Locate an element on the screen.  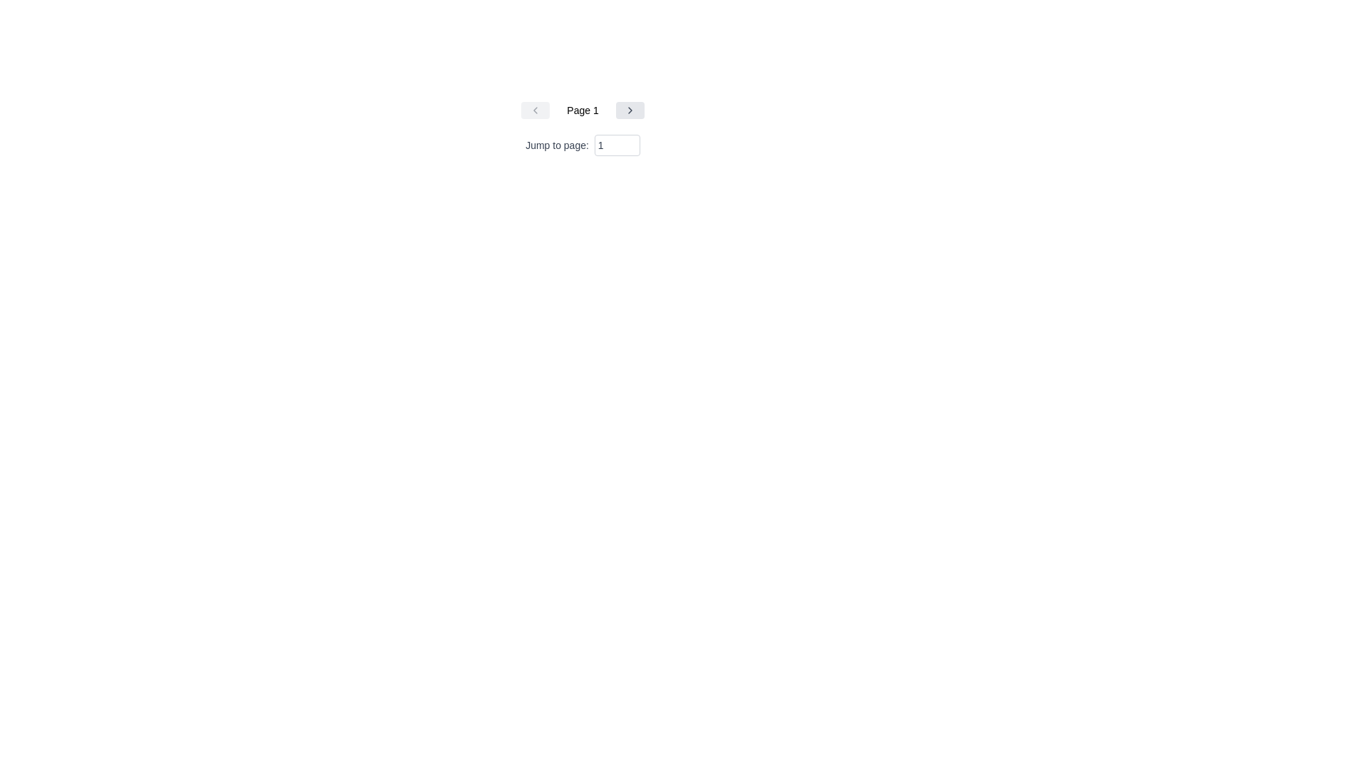
the current page number text label in the pagination interface, which is centrally located between the left and right navigational buttons is located at coordinates (583, 109).